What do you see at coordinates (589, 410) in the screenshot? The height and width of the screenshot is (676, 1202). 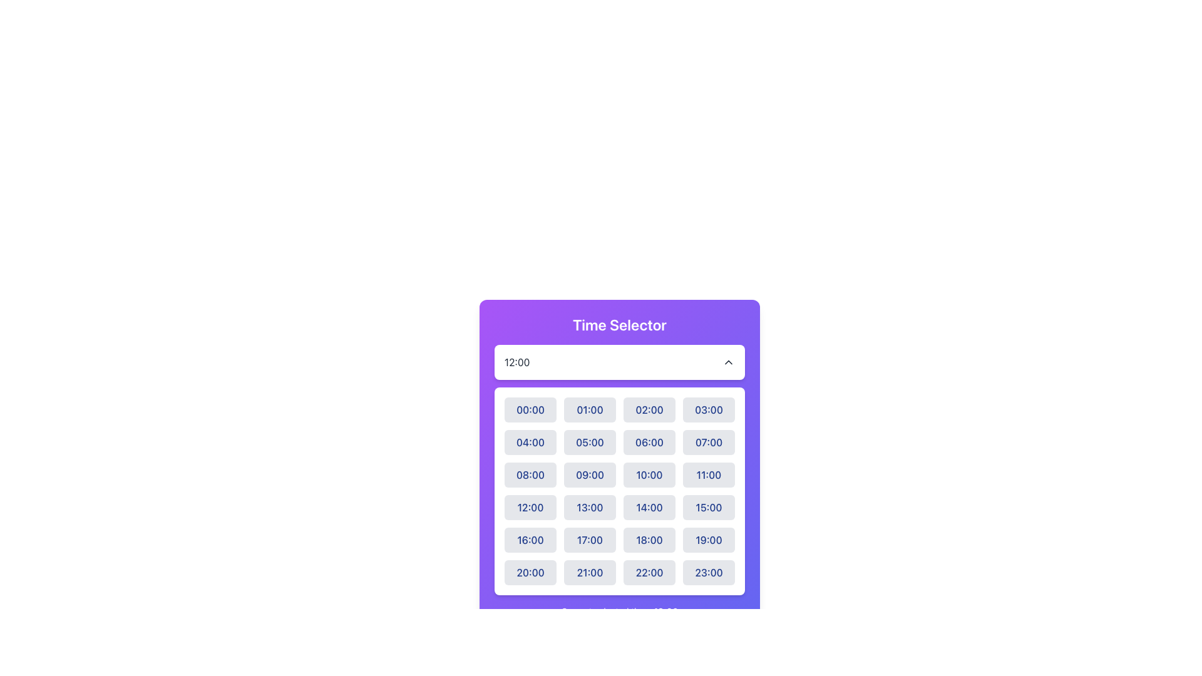 I see `the rounded rectangular button displaying '01:00'` at bounding box center [589, 410].